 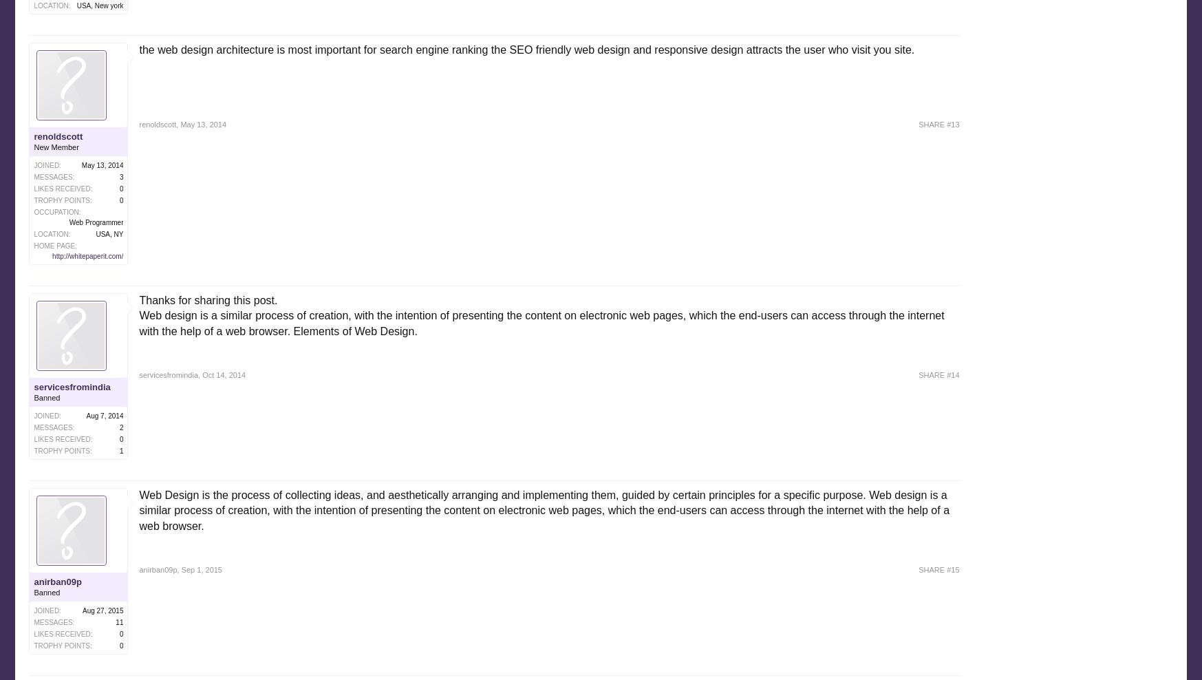 What do you see at coordinates (103, 609) in the screenshot?
I see `'Aug 27, 2015'` at bounding box center [103, 609].